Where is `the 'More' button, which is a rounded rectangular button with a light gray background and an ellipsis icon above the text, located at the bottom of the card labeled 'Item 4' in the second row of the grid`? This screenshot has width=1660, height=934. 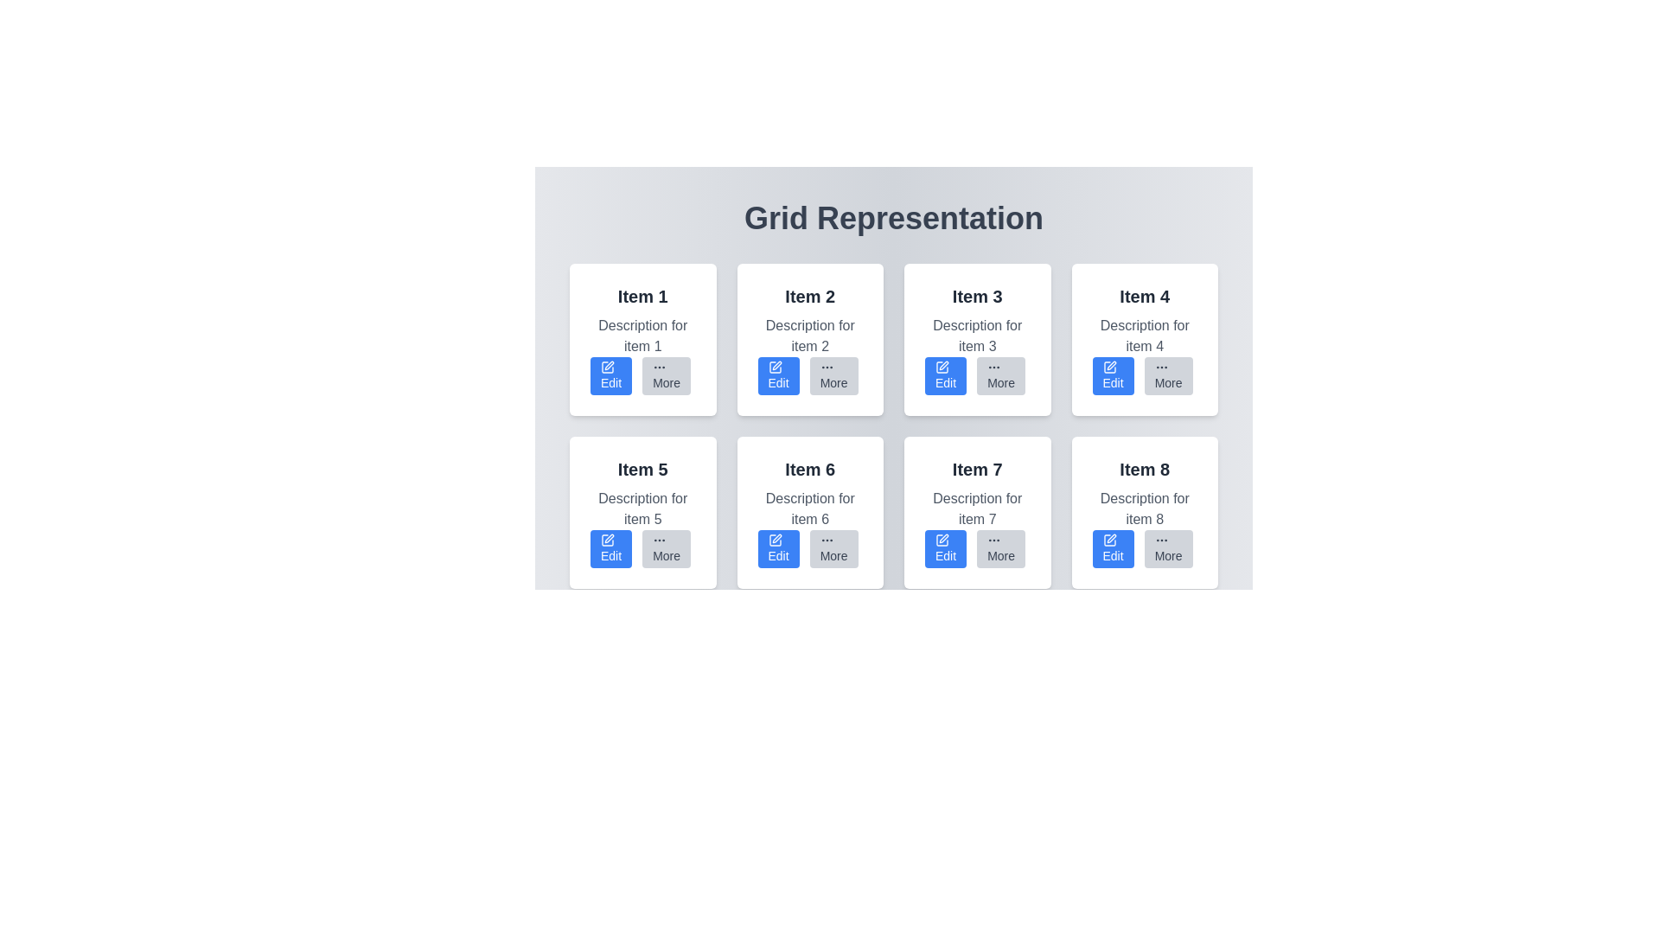
the 'More' button, which is a rounded rectangular button with a light gray background and an ellipsis icon above the text, located at the bottom of the card labeled 'Item 4' in the second row of the grid is located at coordinates (1168, 375).